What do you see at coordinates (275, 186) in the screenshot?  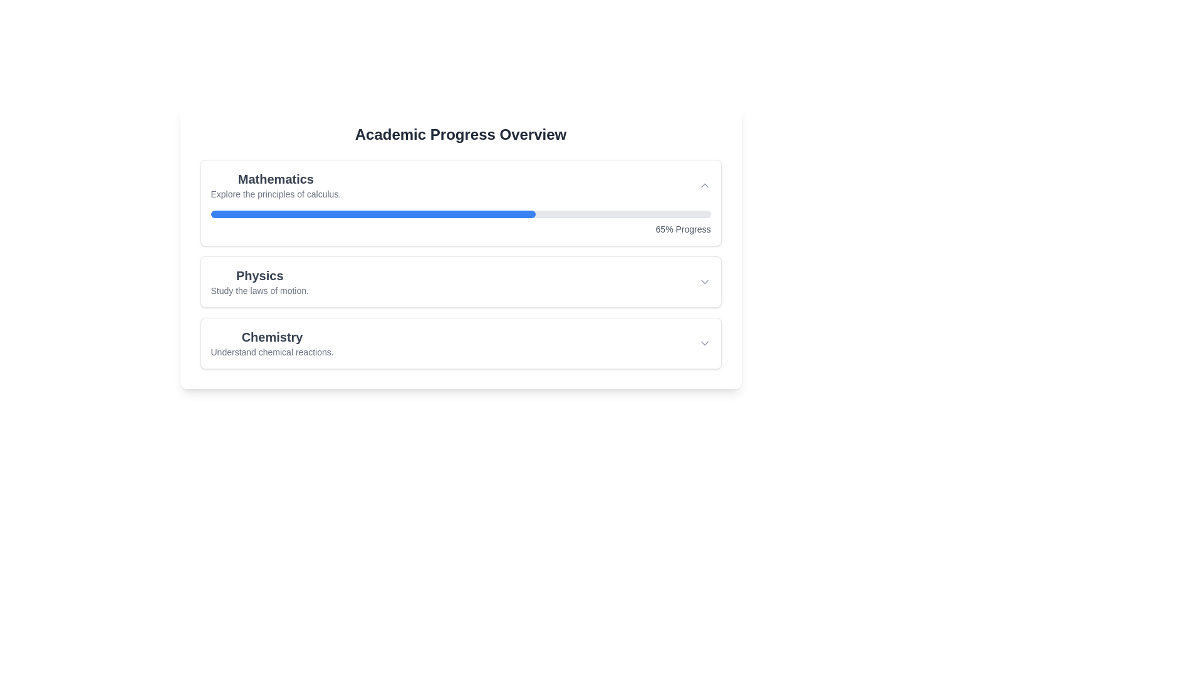 I see `the 'Mathematics' text content in the 'Academic Progress Overview' section, which is the first item in the vertical list of topics` at bounding box center [275, 186].